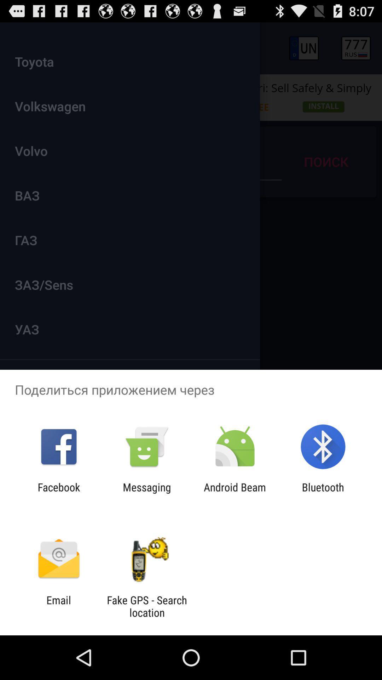  I want to click on the fake gps search item, so click(146, 606).